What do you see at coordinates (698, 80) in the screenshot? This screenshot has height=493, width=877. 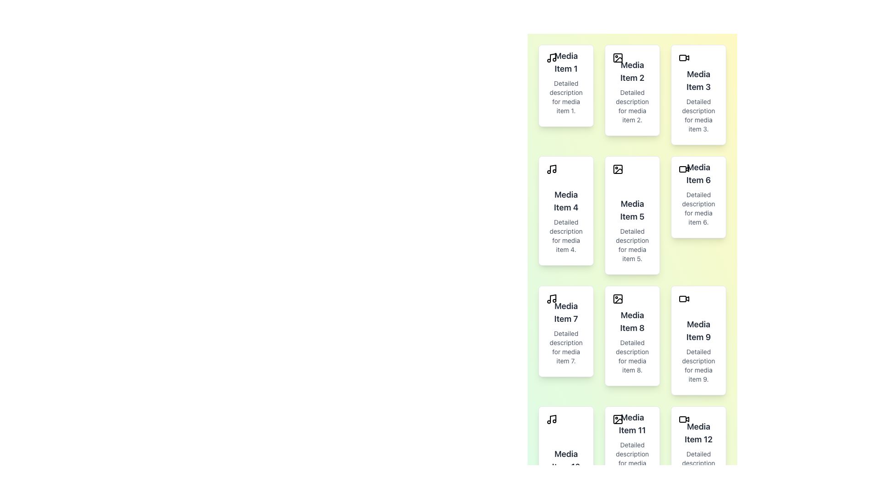 I see `the title text label of the third card in the top row, which identifies the media item` at bounding box center [698, 80].